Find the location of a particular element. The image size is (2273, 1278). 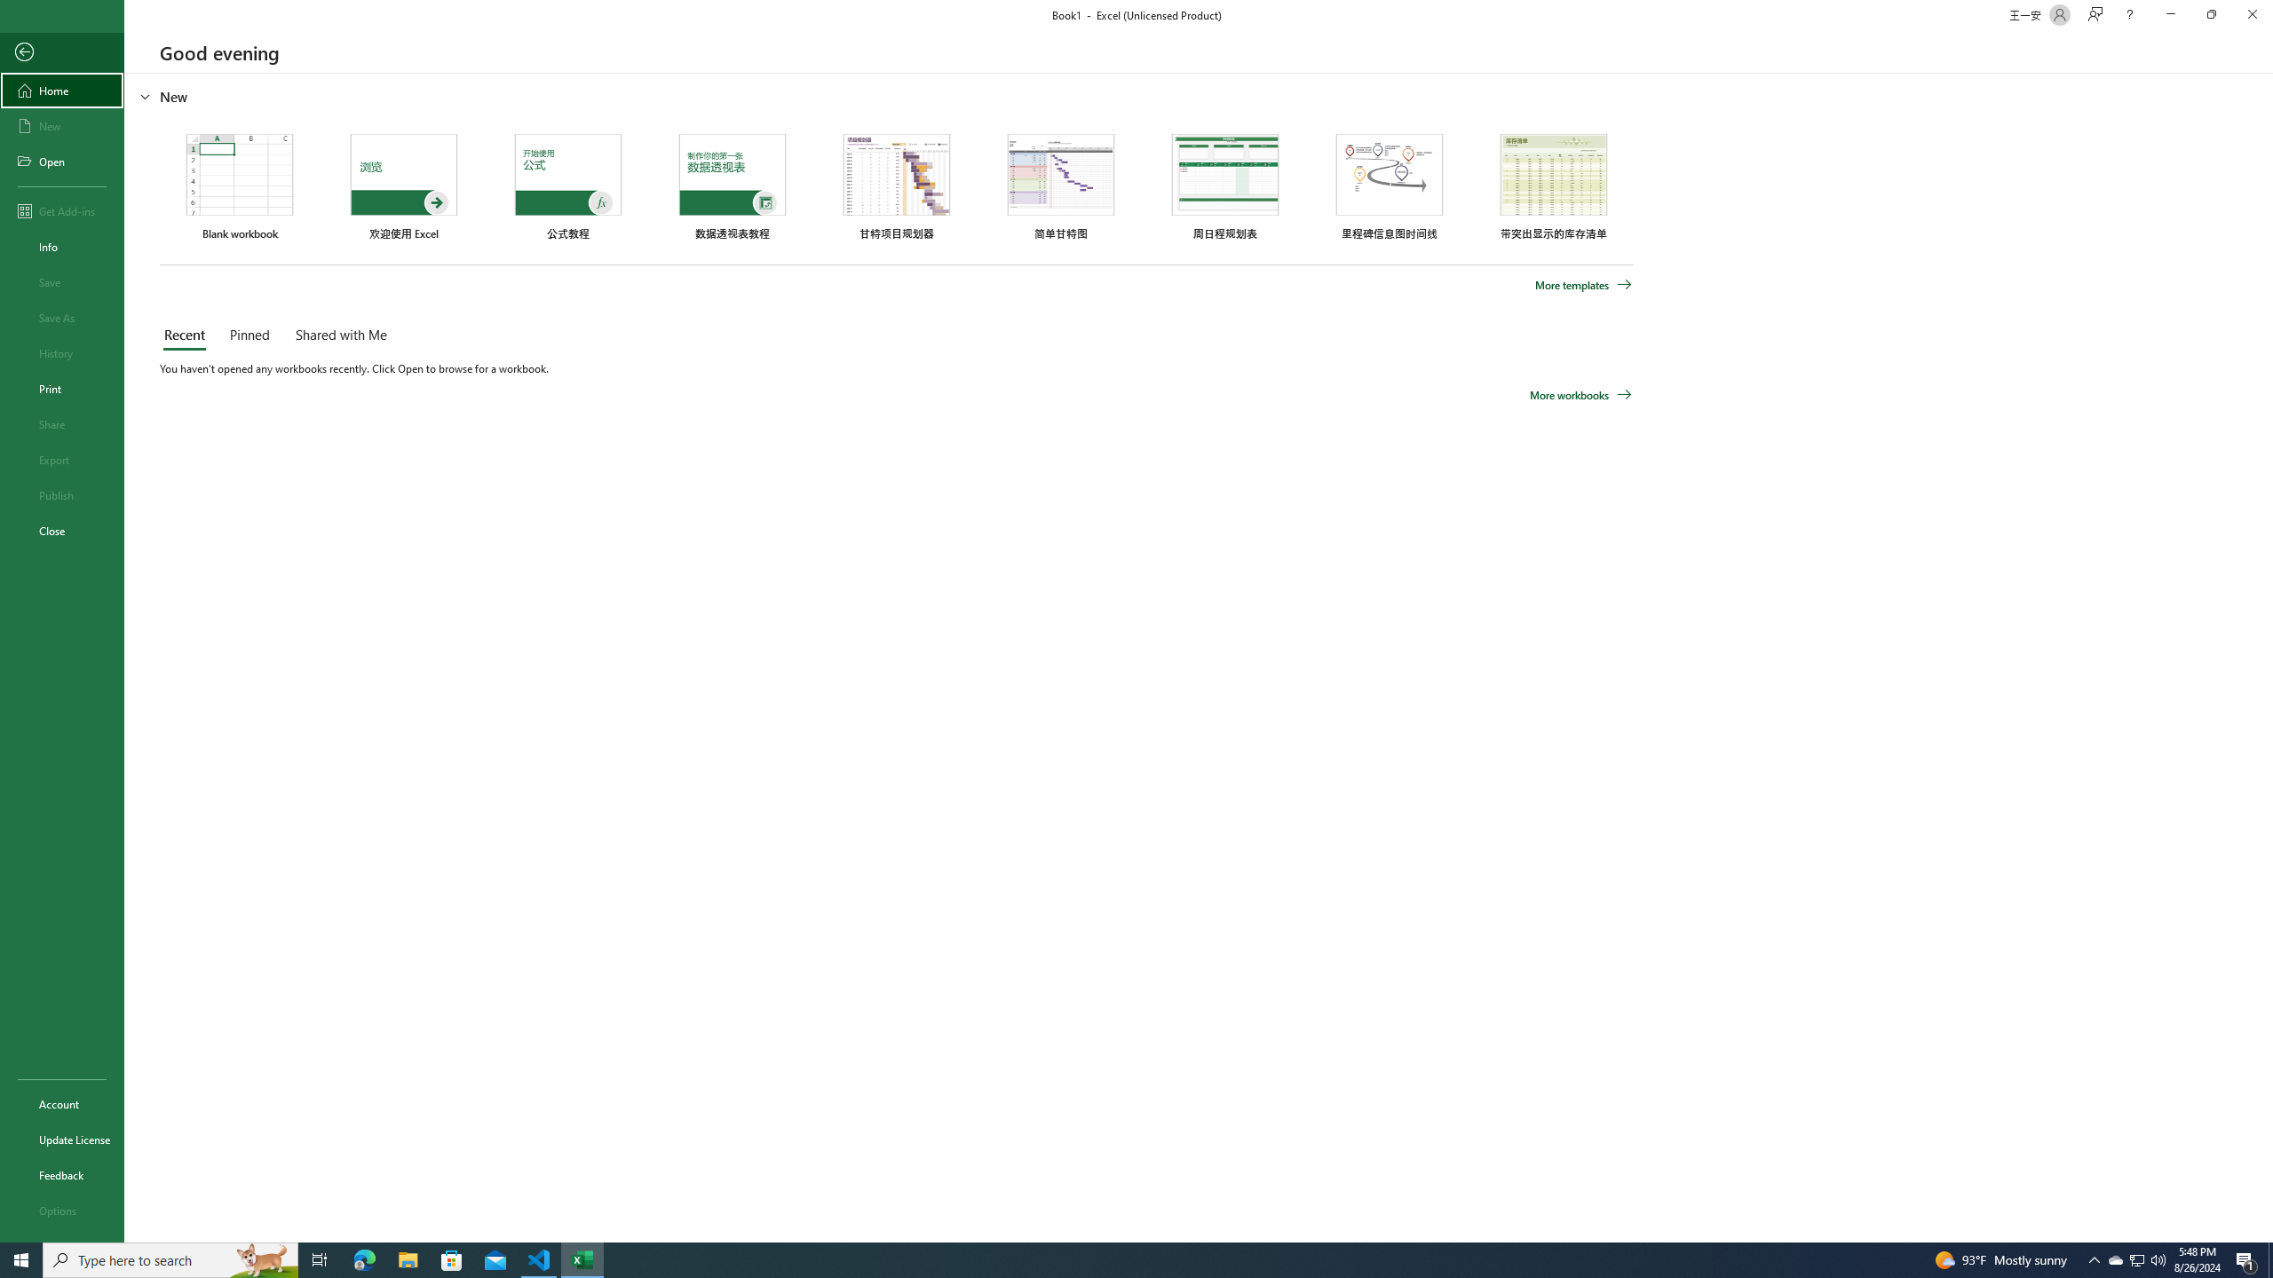

'Pinned' is located at coordinates (249, 335).